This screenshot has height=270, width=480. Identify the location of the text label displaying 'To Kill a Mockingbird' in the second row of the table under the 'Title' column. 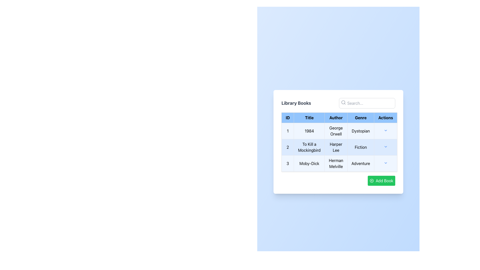
(309, 147).